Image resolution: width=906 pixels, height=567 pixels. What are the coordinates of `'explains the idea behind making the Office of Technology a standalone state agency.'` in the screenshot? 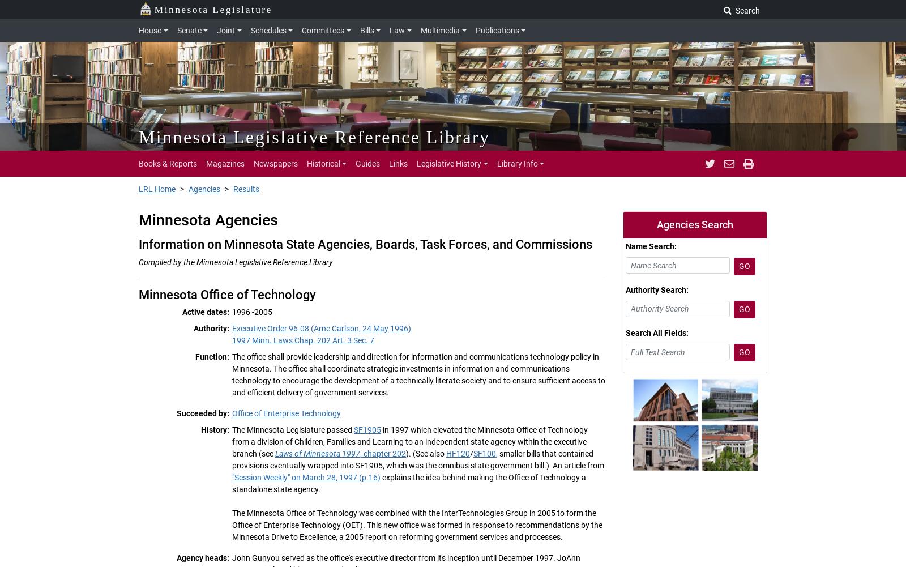 It's located at (231, 483).